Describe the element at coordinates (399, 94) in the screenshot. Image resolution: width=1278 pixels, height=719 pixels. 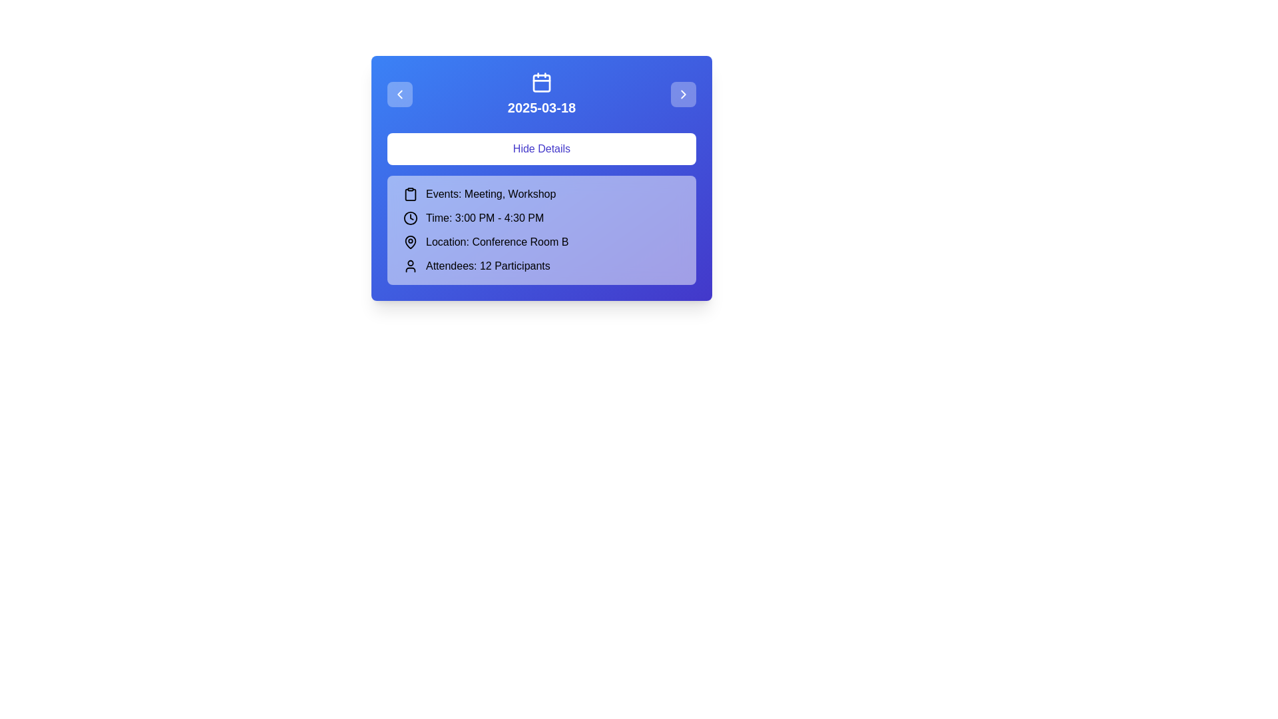
I see `the backward chevron icon located in the top-left corner of the card` at that location.